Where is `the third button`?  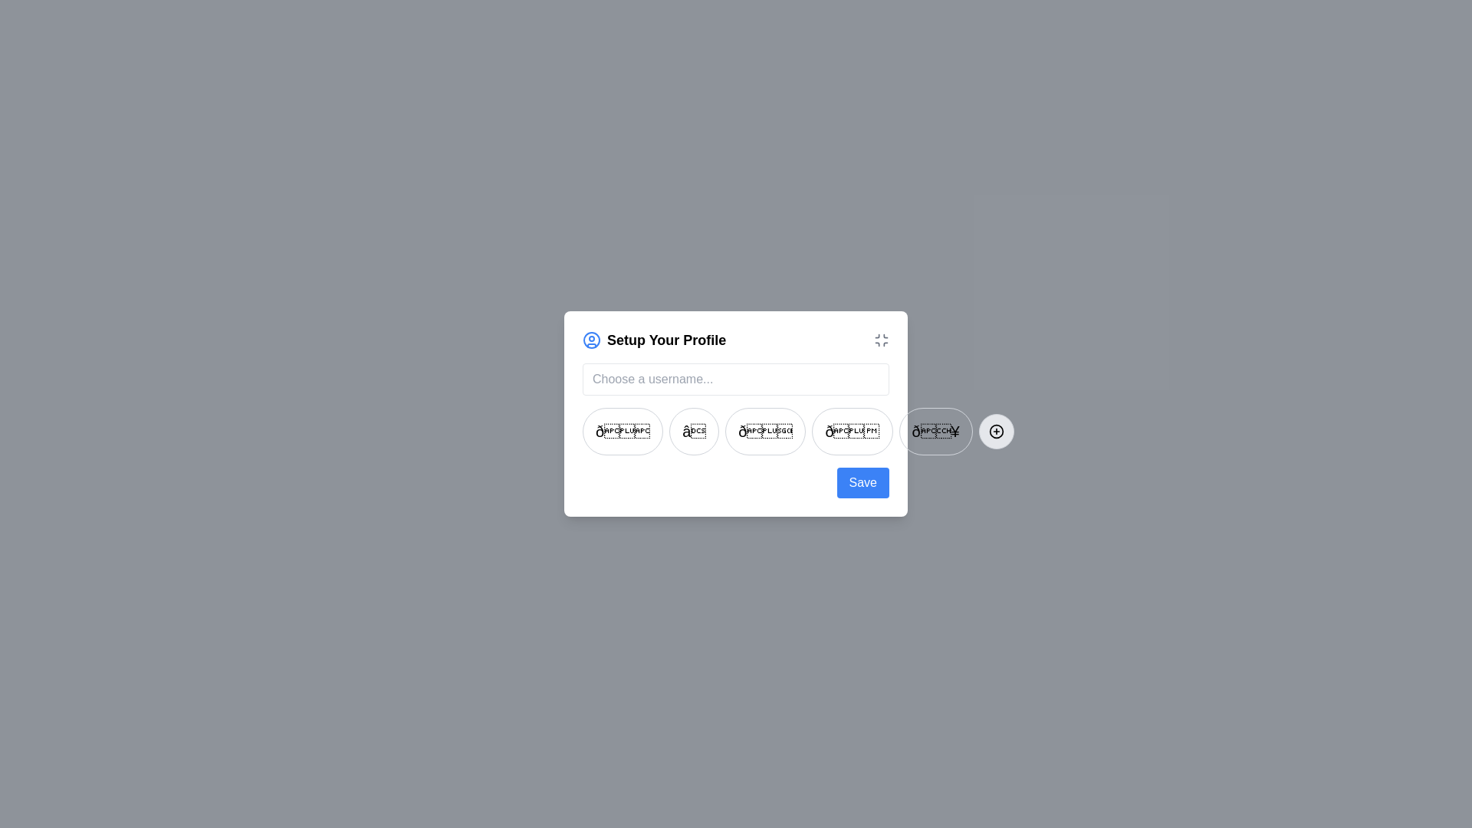
the third button is located at coordinates (736, 432).